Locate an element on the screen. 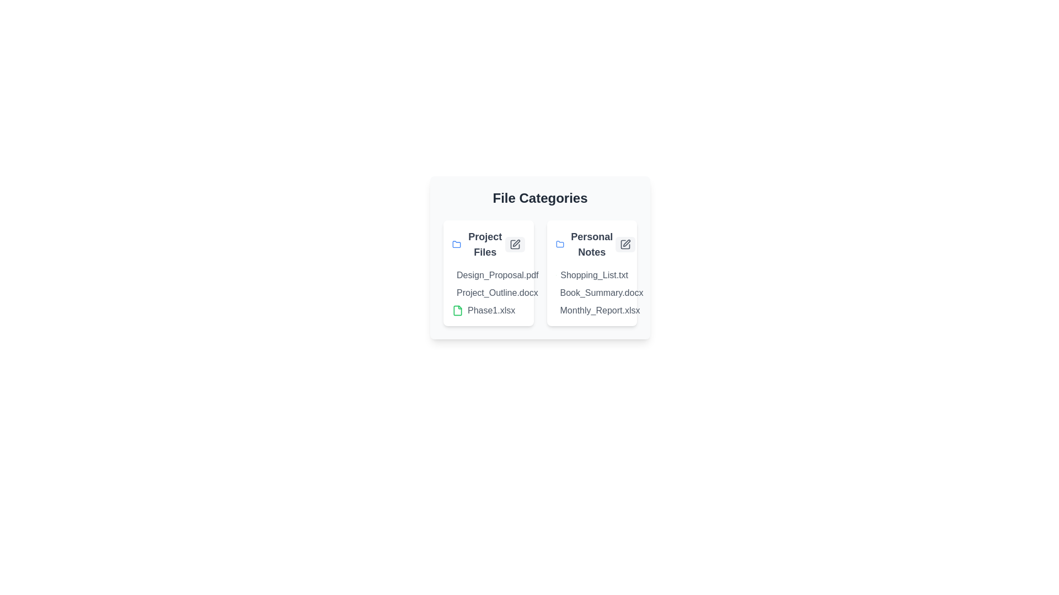 This screenshot has height=595, width=1059. the text of the document named Design_Proposal.pdf in the list is located at coordinates (452, 275).